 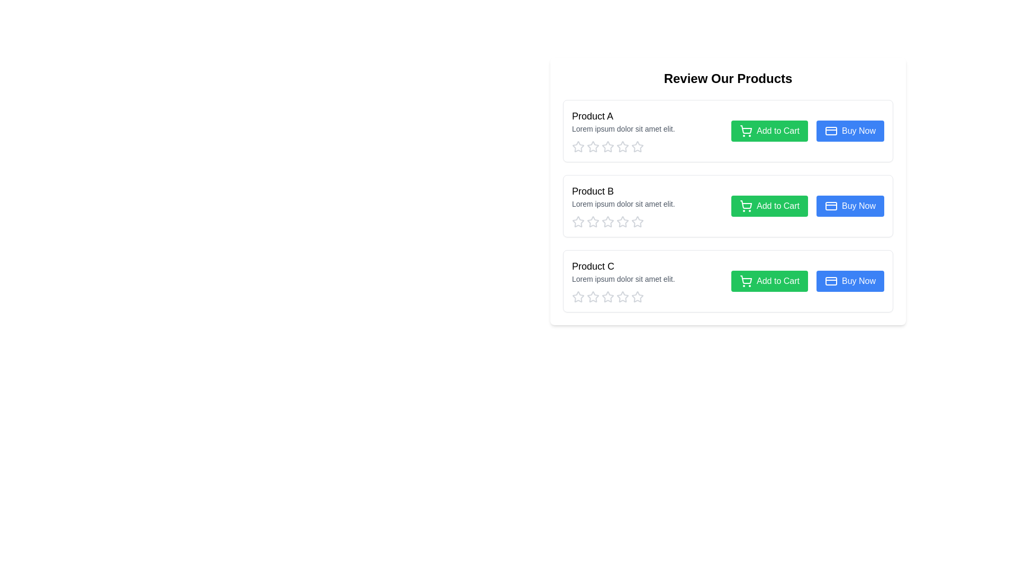 What do you see at coordinates (592, 146) in the screenshot?
I see `the first interactive rating star icon for 'Product A', which is an outline star icon indicating a rating mechanism` at bounding box center [592, 146].